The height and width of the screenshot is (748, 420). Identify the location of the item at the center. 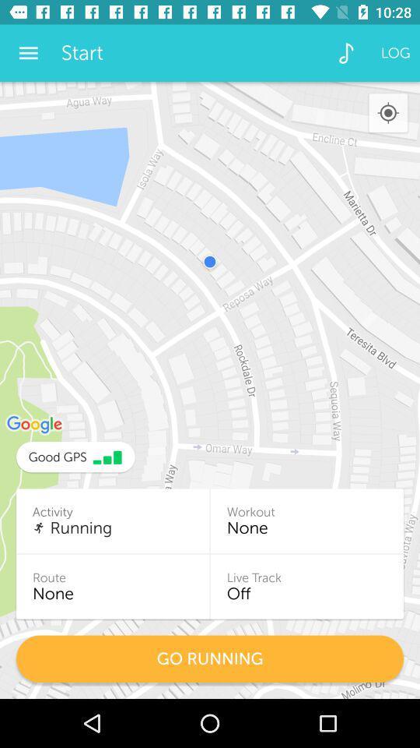
(210, 390).